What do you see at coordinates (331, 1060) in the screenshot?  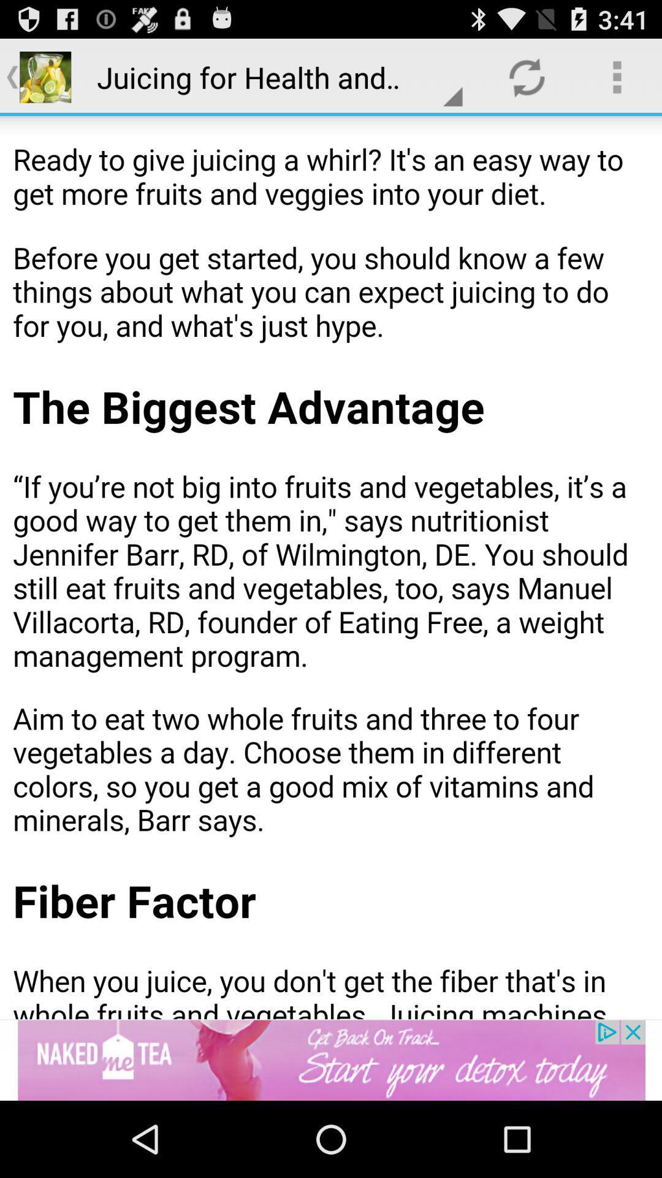 I see `open advertisement` at bounding box center [331, 1060].